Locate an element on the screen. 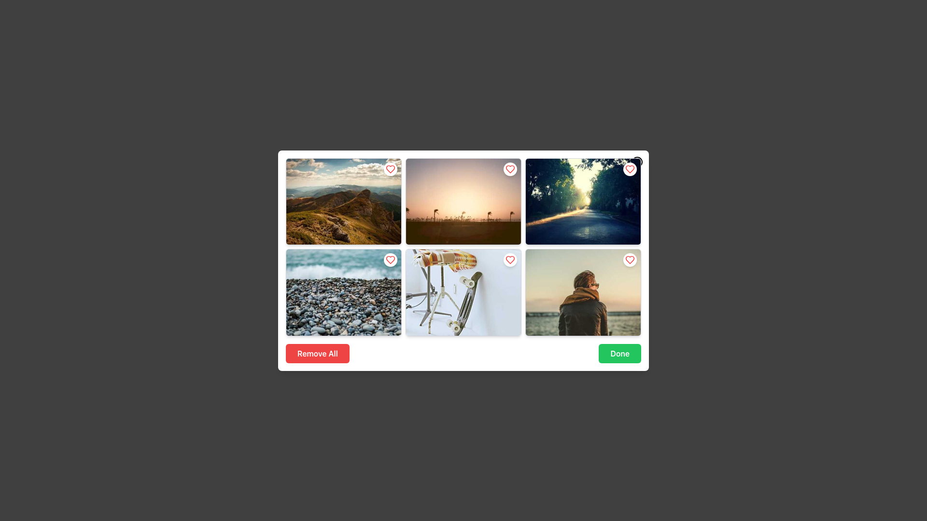 Image resolution: width=927 pixels, height=521 pixels. the small heart-shaped icon outlined in red, located at the top-right corner of the first image within a grid of six images is located at coordinates (391, 168).